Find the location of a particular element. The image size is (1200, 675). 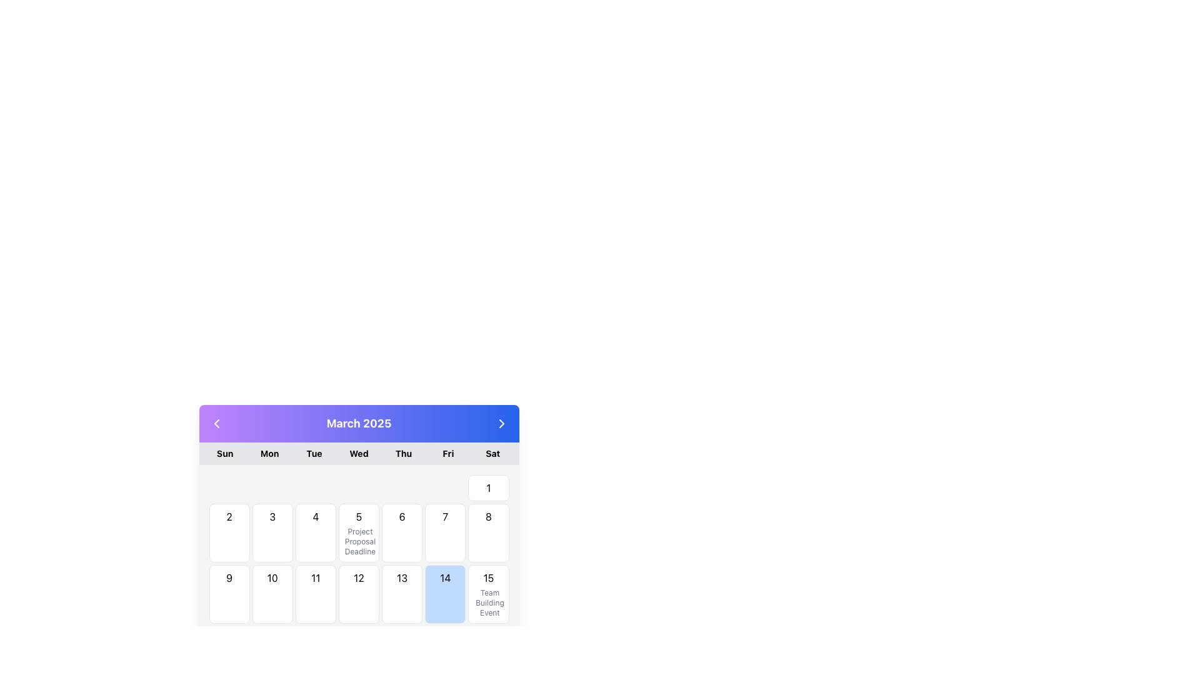

the text label displaying 'Project Proposal Deadline' located centrally within the box for March 5th in the calendar layout is located at coordinates (358, 541).